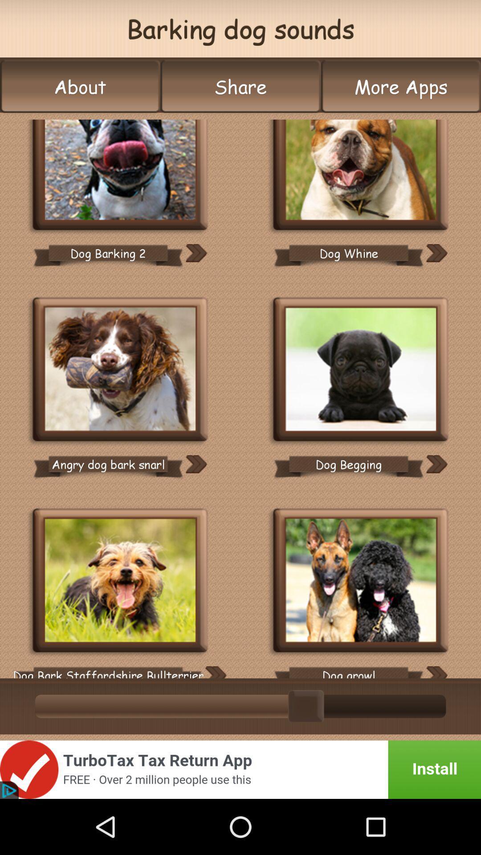 Image resolution: width=481 pixels, height=855 pixels. Describe the element at coordinates (401, 86) in the screenshot. I see `the icon to the right of the share icon` at that location.